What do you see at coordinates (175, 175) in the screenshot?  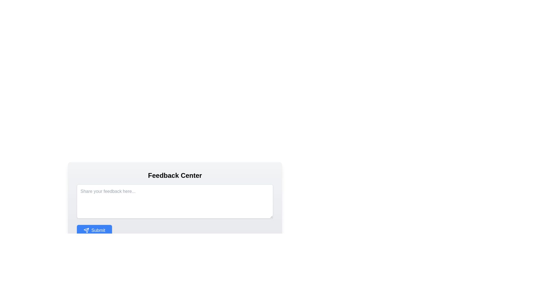 I see `the Header Text element, which serves as the title for the Feedback Center interface, positioned directly above the feedback input text box and centrally aligned` at bounding box center [175, 175].